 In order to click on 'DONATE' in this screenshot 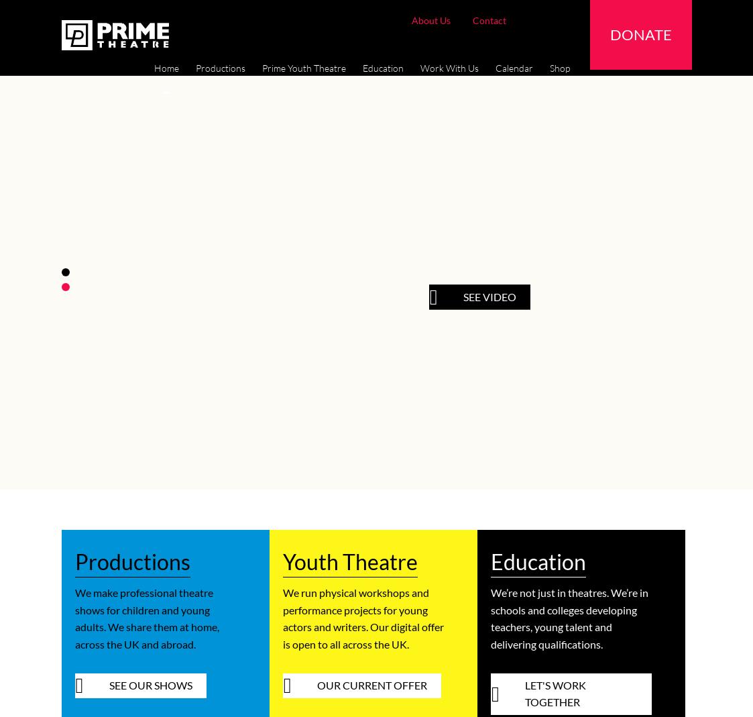, I will do `click(640, 34)`.